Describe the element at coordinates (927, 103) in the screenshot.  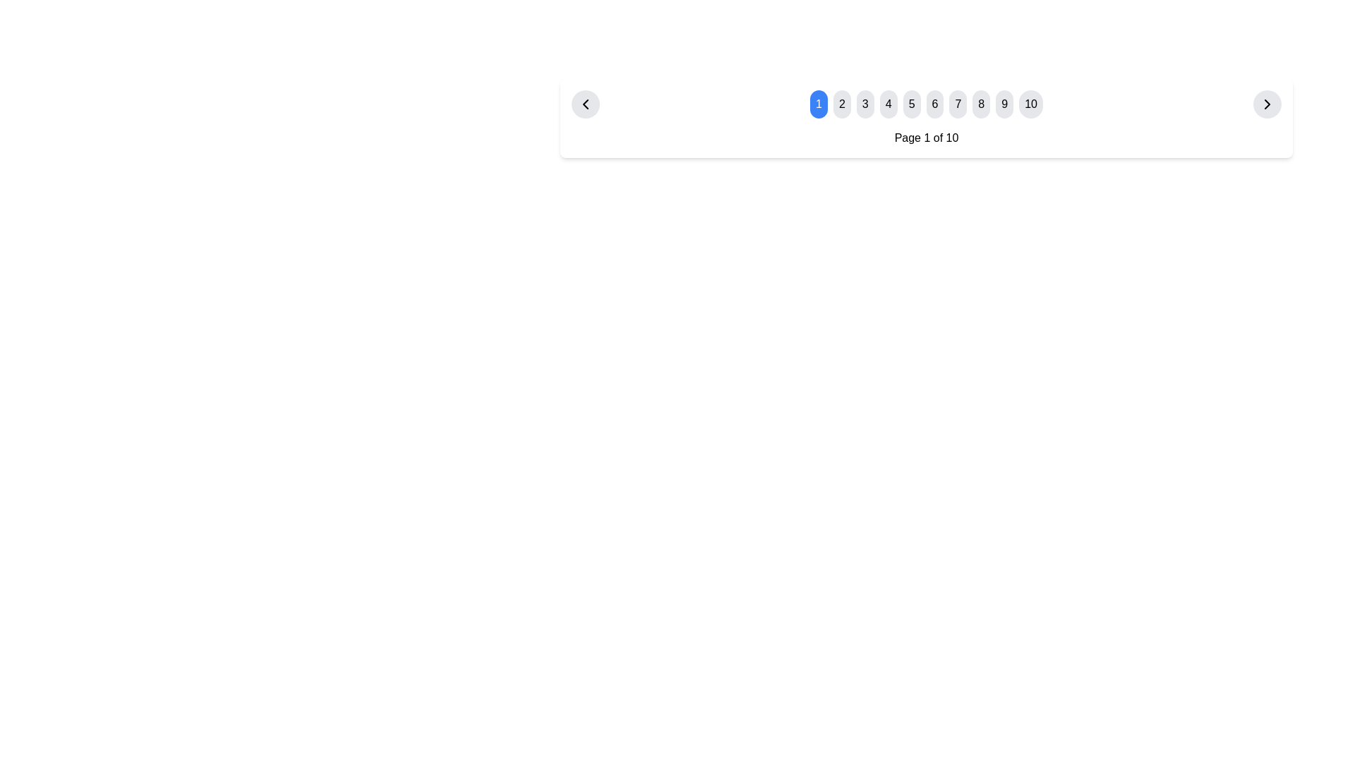
I see `the circular button displaying the number '6'` at that location.